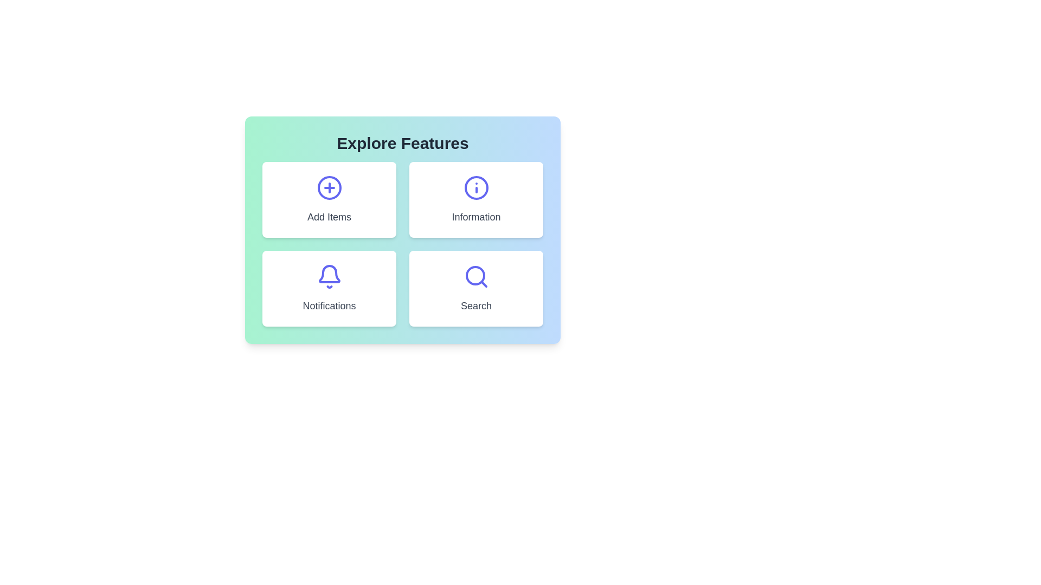  What do you see at coordinates (476, 276) in the screenshot?
I see `the magnifying glass icon at the top of the 'Search' card to initiate a search operation` at bounding box center [476, 276].